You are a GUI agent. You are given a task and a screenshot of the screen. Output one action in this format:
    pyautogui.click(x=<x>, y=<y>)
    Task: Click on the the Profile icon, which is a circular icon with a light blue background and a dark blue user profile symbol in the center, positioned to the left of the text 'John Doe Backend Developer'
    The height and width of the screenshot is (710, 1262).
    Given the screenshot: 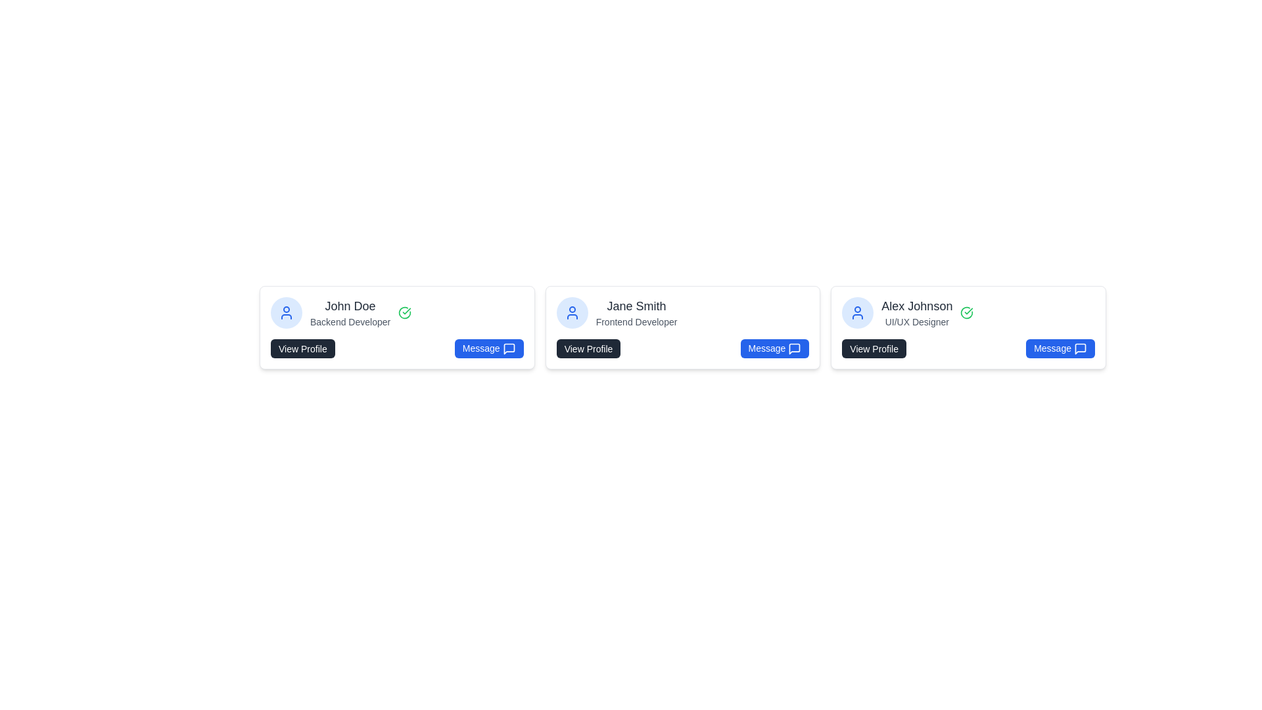 What is the action you would take?
    pyautogui.click(x=286, y=312)
    